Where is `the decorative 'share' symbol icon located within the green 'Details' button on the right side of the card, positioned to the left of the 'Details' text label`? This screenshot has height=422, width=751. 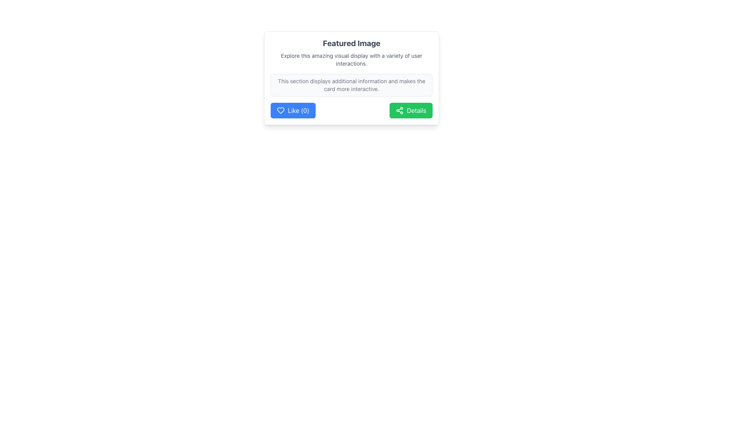
the decorative 'share' symbol icon located within the green 'Details' button on the right side of the card, positioned to the left of the 'Details' text label is located at coordinates (400, 110).